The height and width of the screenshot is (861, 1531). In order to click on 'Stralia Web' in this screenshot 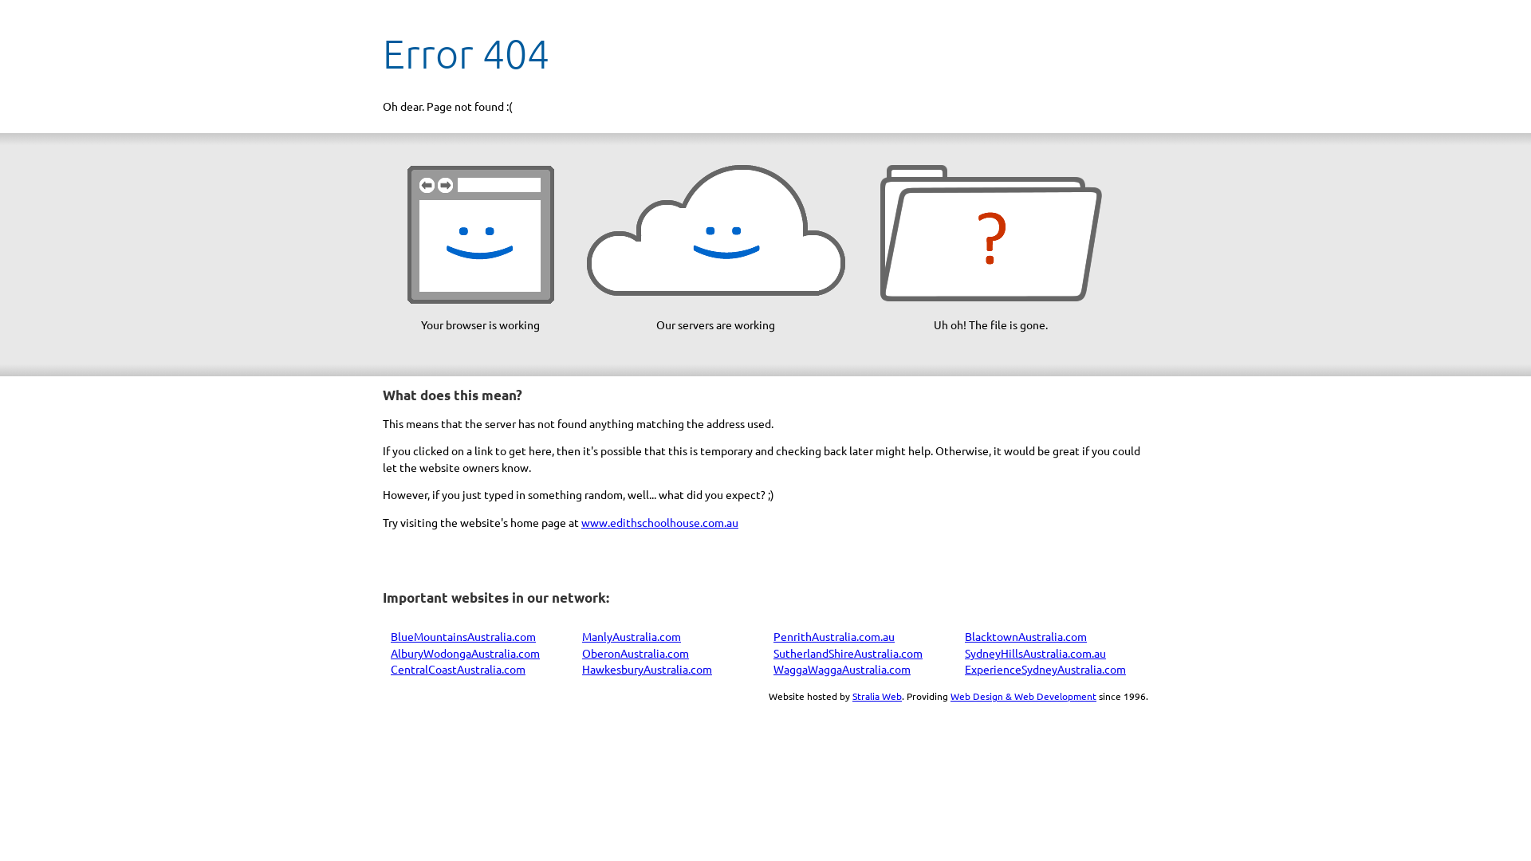, I will do `click(876, 694)`.